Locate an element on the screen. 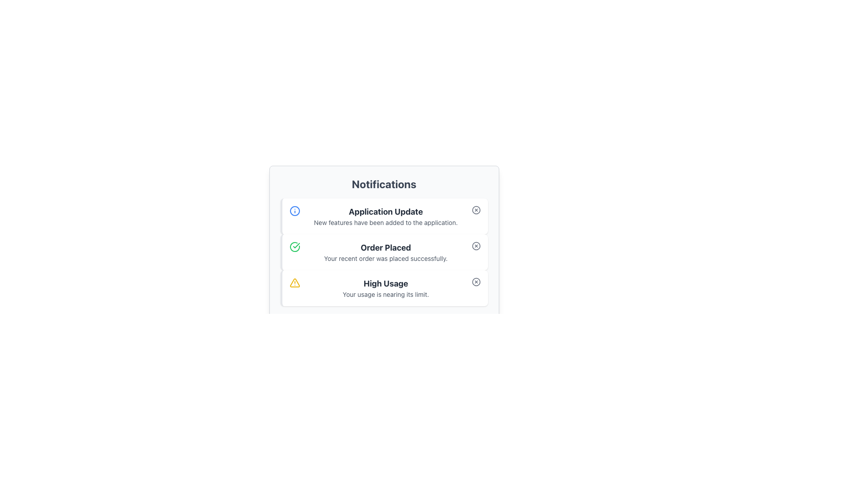 Image resolution: width=862 pixels, height=485 pixels. the decorative vector graphic inside the close button of the 'Application Update' notification located at the top right corner is located at coordinates (475, 210).